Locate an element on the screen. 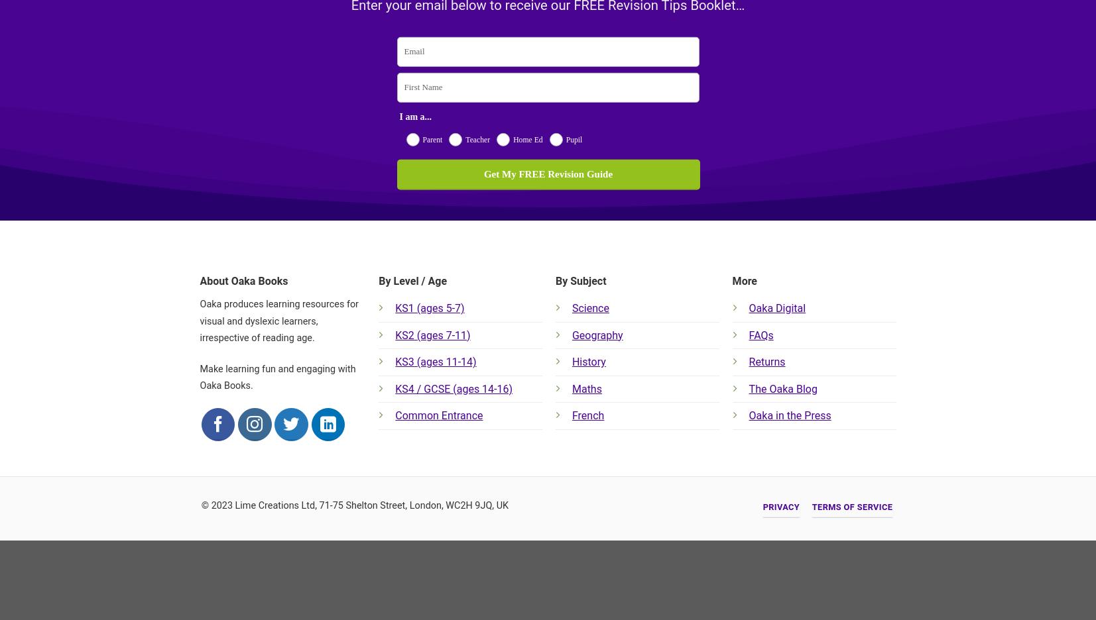 This screenshot has height=620, width=1096. 'Teacher' is located at coordinates (477, 140).